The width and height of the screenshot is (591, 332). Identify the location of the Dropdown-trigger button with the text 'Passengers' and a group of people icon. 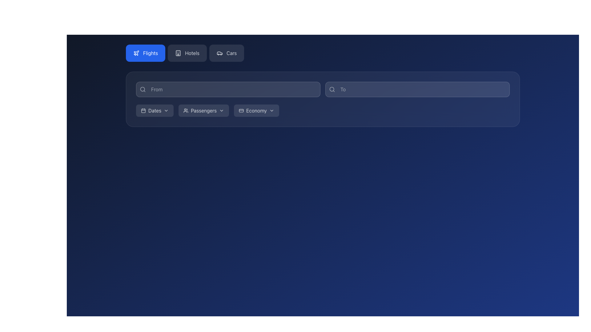
(204, 110).